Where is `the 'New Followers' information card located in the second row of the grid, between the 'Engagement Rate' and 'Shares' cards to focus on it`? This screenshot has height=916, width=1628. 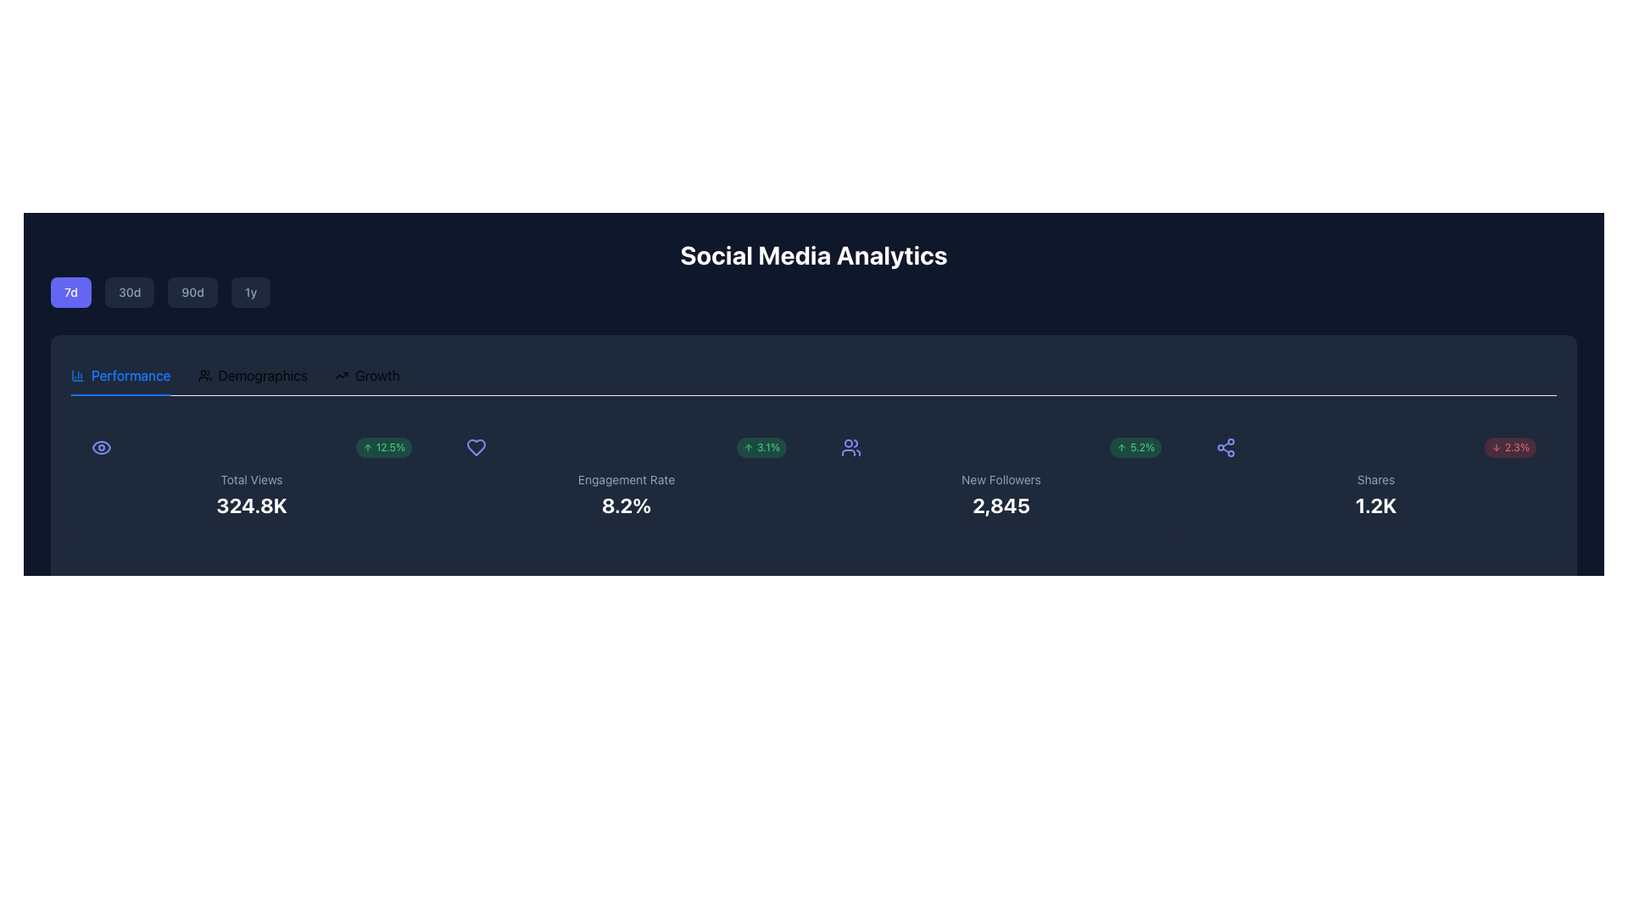
the 'New Followers' information card located in the second row of the grid, between the 'Engagement Rate' and 'Shares' cards to focus on it is located at coordinates (1001, 478).